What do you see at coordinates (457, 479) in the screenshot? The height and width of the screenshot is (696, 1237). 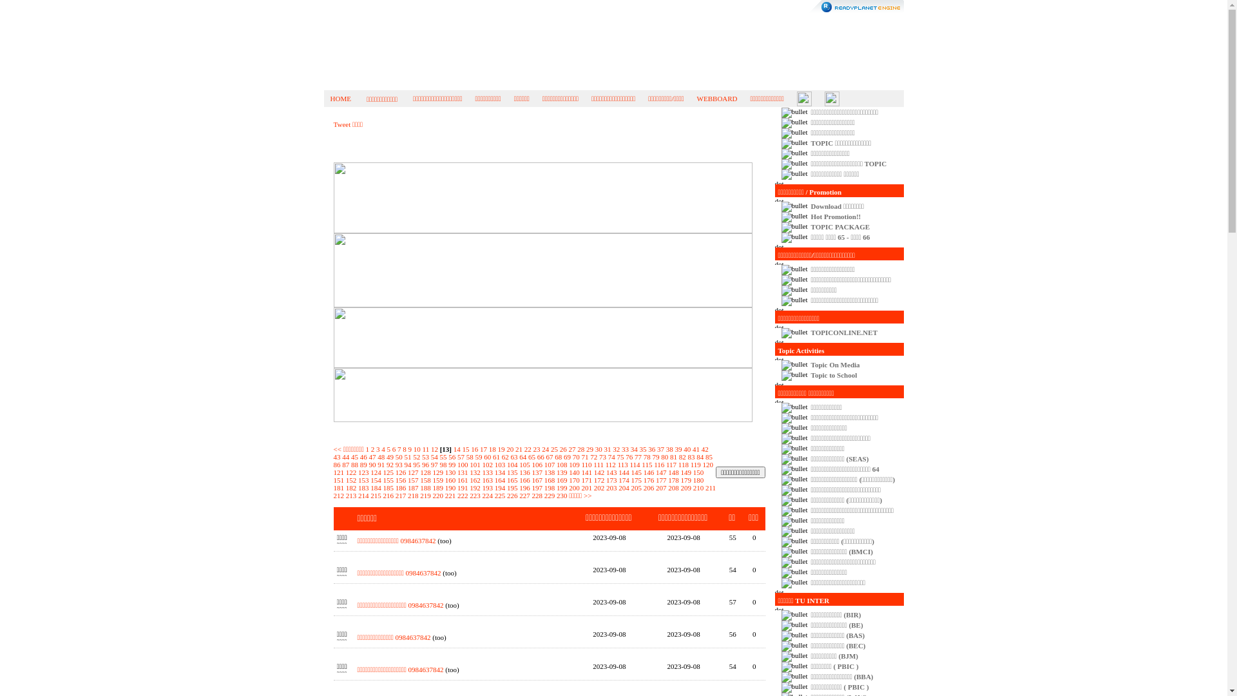 I see `'161'` at bounding box center [457, 479].